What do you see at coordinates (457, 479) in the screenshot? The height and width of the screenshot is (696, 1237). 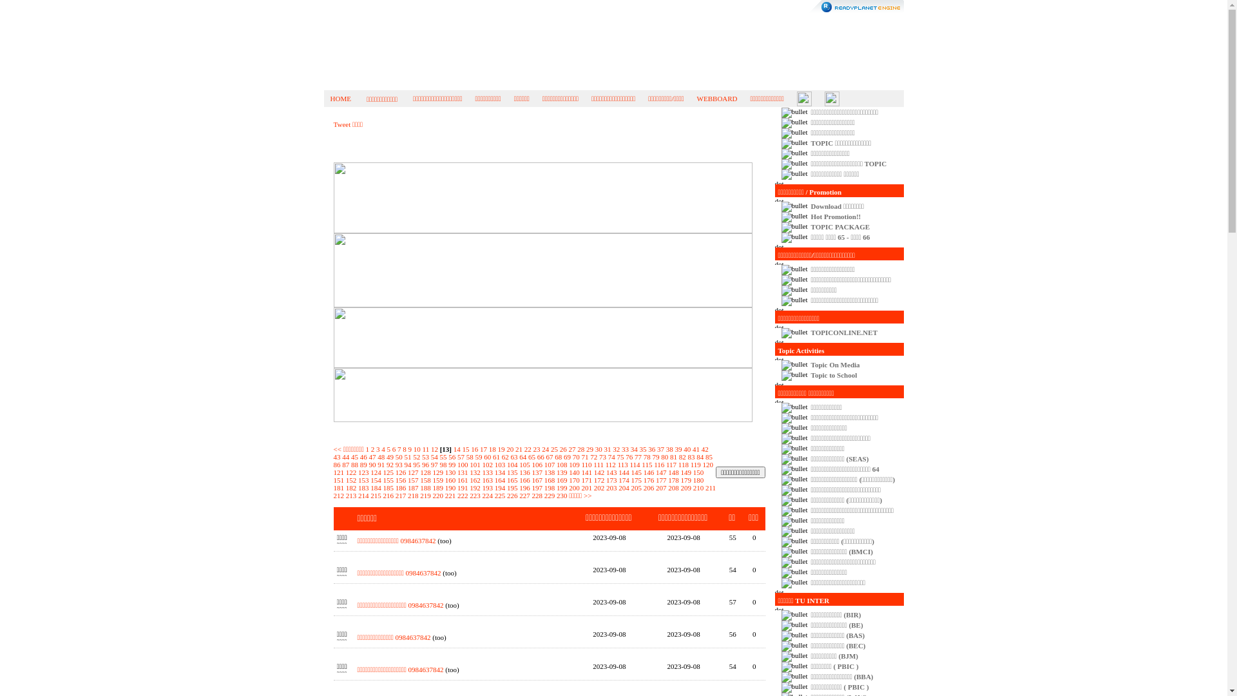 I see `'161'` at bounding box center [457, 479].